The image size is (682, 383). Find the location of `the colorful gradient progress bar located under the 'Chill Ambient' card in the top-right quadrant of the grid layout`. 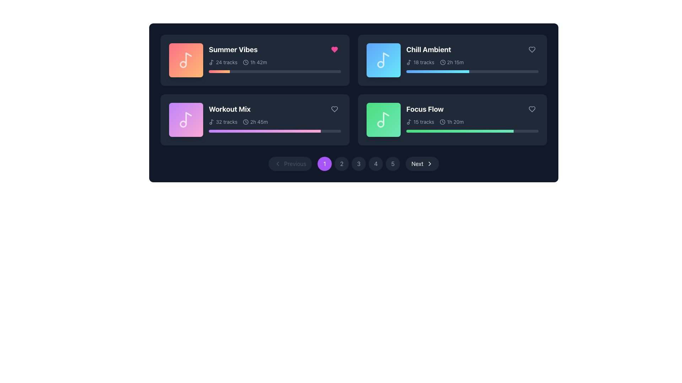

the colorful gradient progress bar located under the 'Chill Ambient' card in the top-right quadrant of the grid layout is located at coordinates (437, 71).